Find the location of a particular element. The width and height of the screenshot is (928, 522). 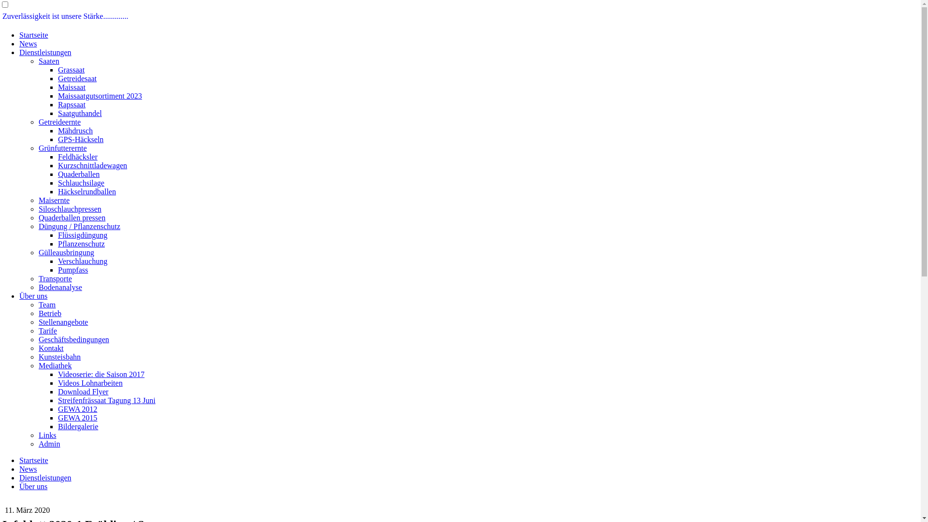

'Pumpfass' is located at coordinates (72, 270).